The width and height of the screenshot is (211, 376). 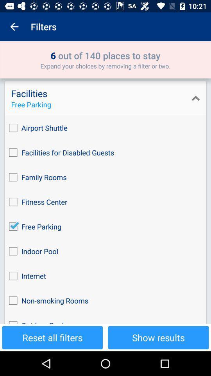 I want to click on the icon below the facilities for disabled item, so click(x=105, y=177).